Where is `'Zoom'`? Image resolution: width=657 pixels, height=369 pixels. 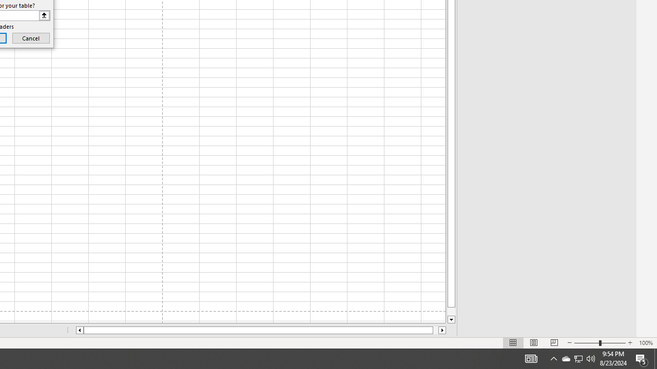 'Zoom' is located at coordinates (600, 343).